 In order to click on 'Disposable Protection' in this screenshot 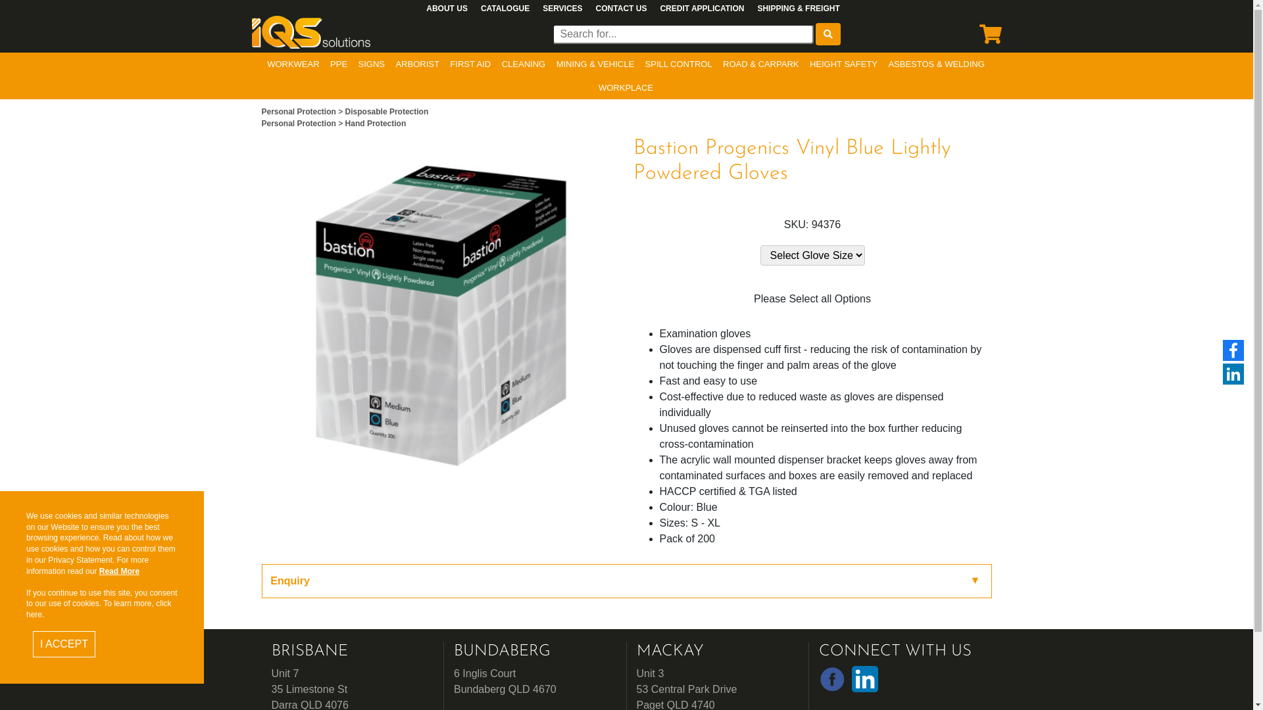, I will do `click(386, 110)`.